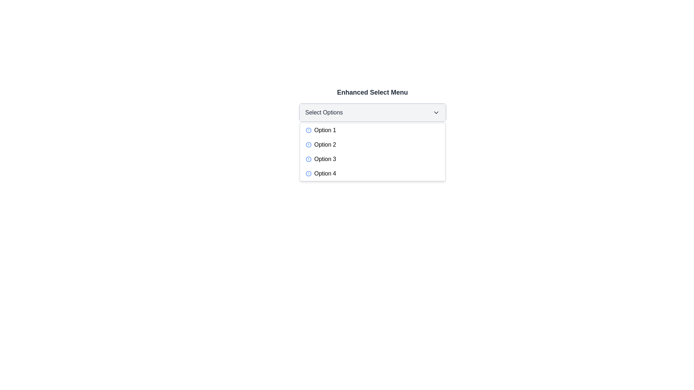  I want to click on the first list item in the 'Enhanced Select Menu' dropdown, which is positioned at the top of the list, so click(320, 130).